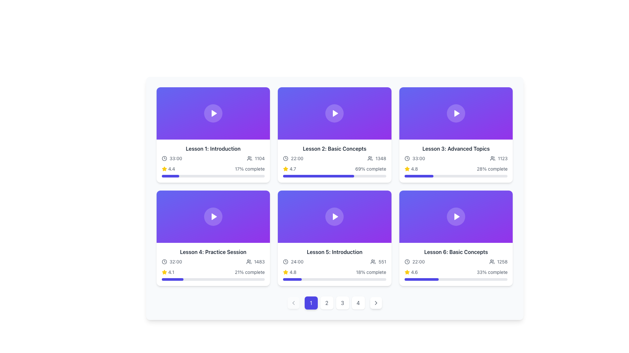  What do you see at coordinates (168, 168) in the screenshot?
I see `the Rating indicator, which is a star icon located in the bottom-left area of the first card in a grid layout, aligned horizontally with the text '17% complete'` at bounding box center [168, 168].